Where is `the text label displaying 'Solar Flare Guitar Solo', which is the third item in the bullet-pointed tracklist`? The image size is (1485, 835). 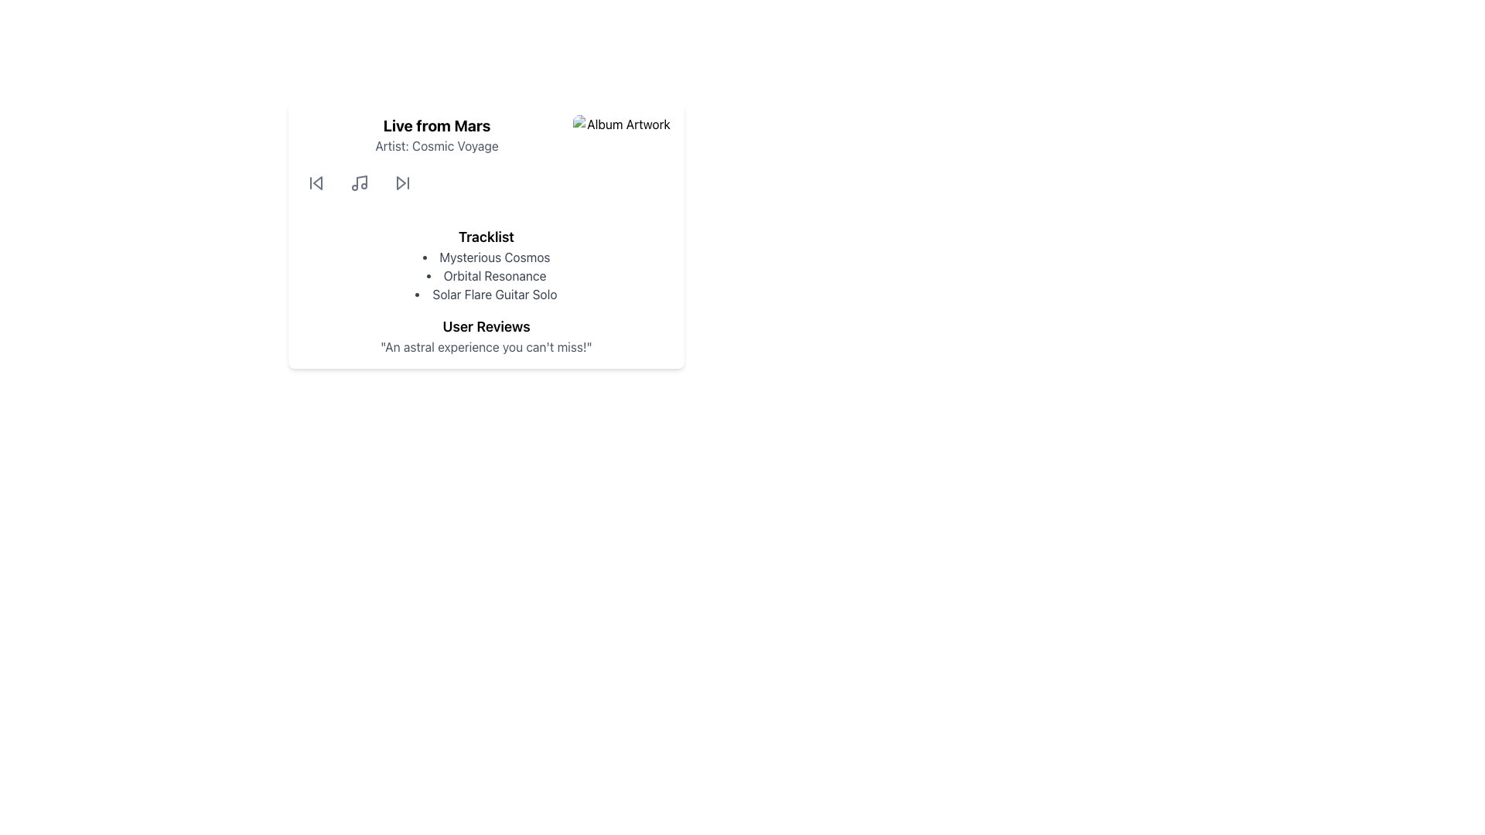 the text label displaying 'Solar Flare Guitar Solo', which is the third item in the bullet-pointed tracklist is located at coordinates (485, 295).